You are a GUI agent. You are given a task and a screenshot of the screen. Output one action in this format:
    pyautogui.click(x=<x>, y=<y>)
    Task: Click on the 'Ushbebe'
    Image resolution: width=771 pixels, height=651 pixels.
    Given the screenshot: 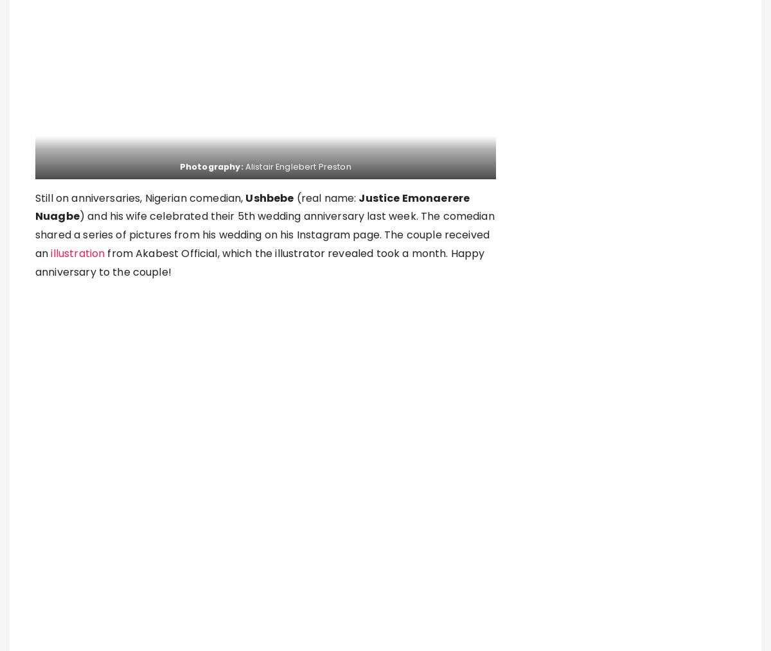 What is the action you would take?
    pyautogui.click(x=269, y=197)
    